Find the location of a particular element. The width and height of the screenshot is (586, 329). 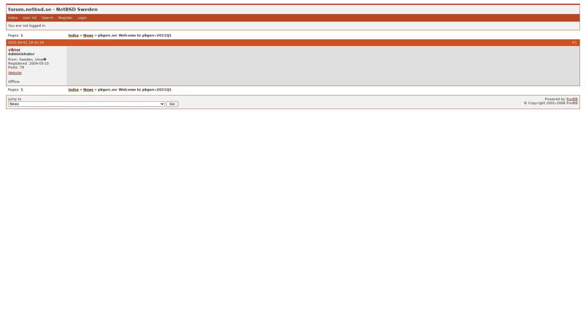

Go is located at coordinates (172, 104).